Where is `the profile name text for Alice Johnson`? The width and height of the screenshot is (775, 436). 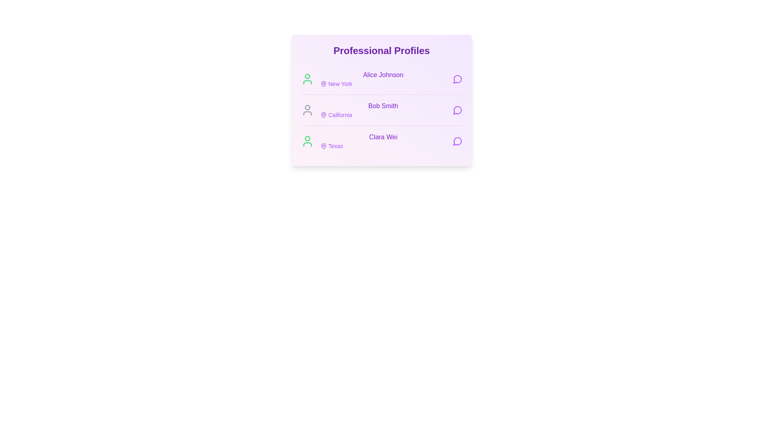 the profile name text for Alice Johnson is located at coordinates (383, 75).